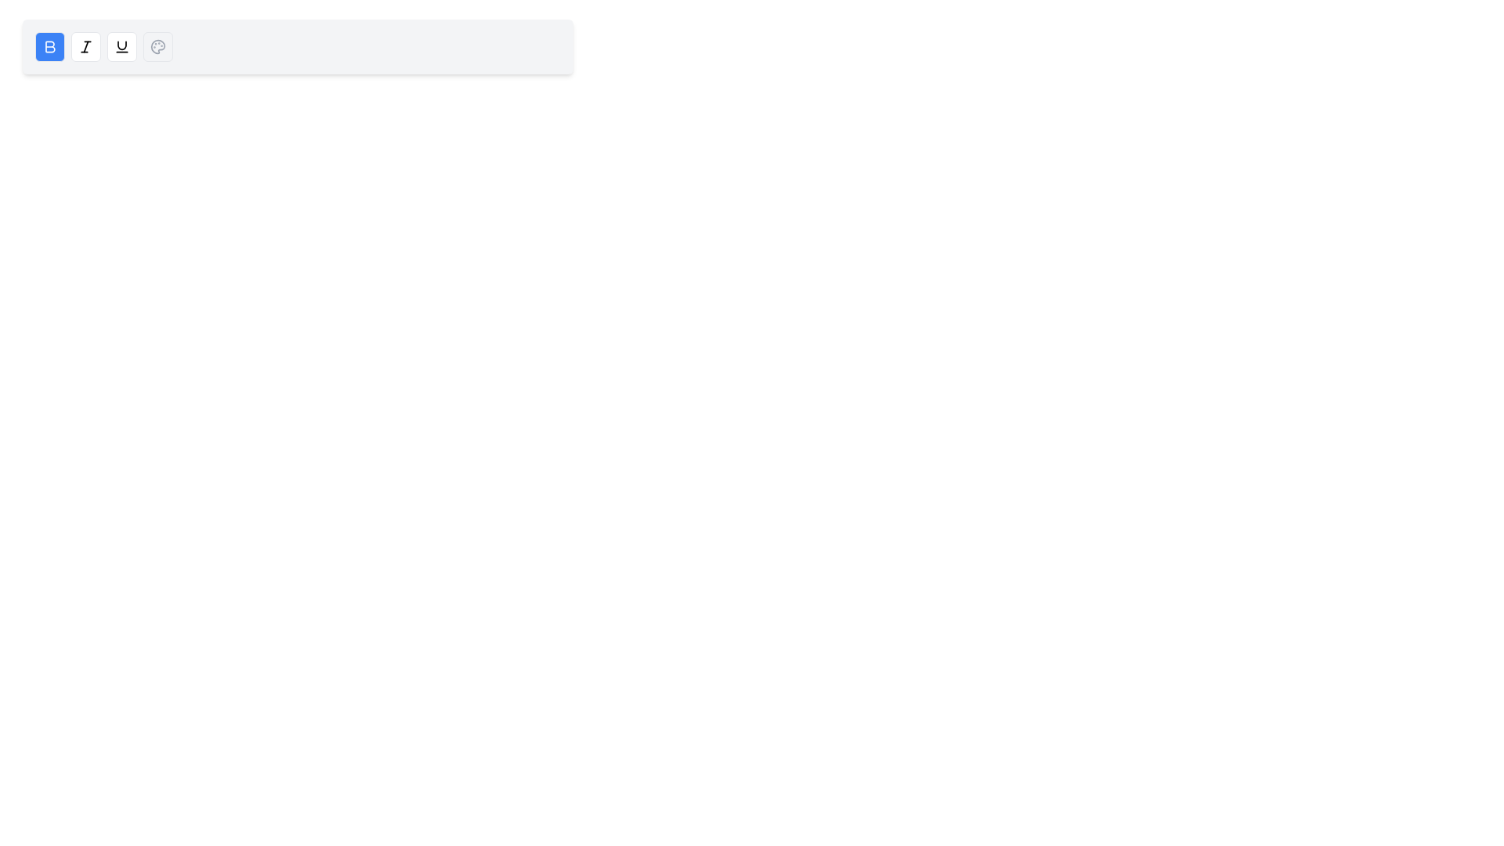  I want to click on the artist's palette icon, which is the fourth tool in the horizontal toolbar, so click(157, 46).